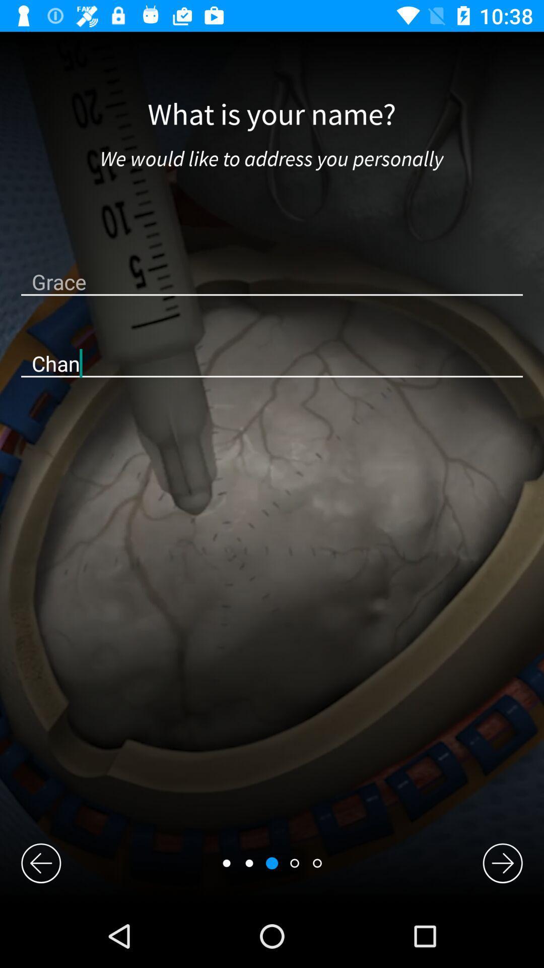 The image size is (544, 968). What do you see at coordinates (271, 115) in the screenshot?
I see `the what is your icon` at bounding box center [271, 115].